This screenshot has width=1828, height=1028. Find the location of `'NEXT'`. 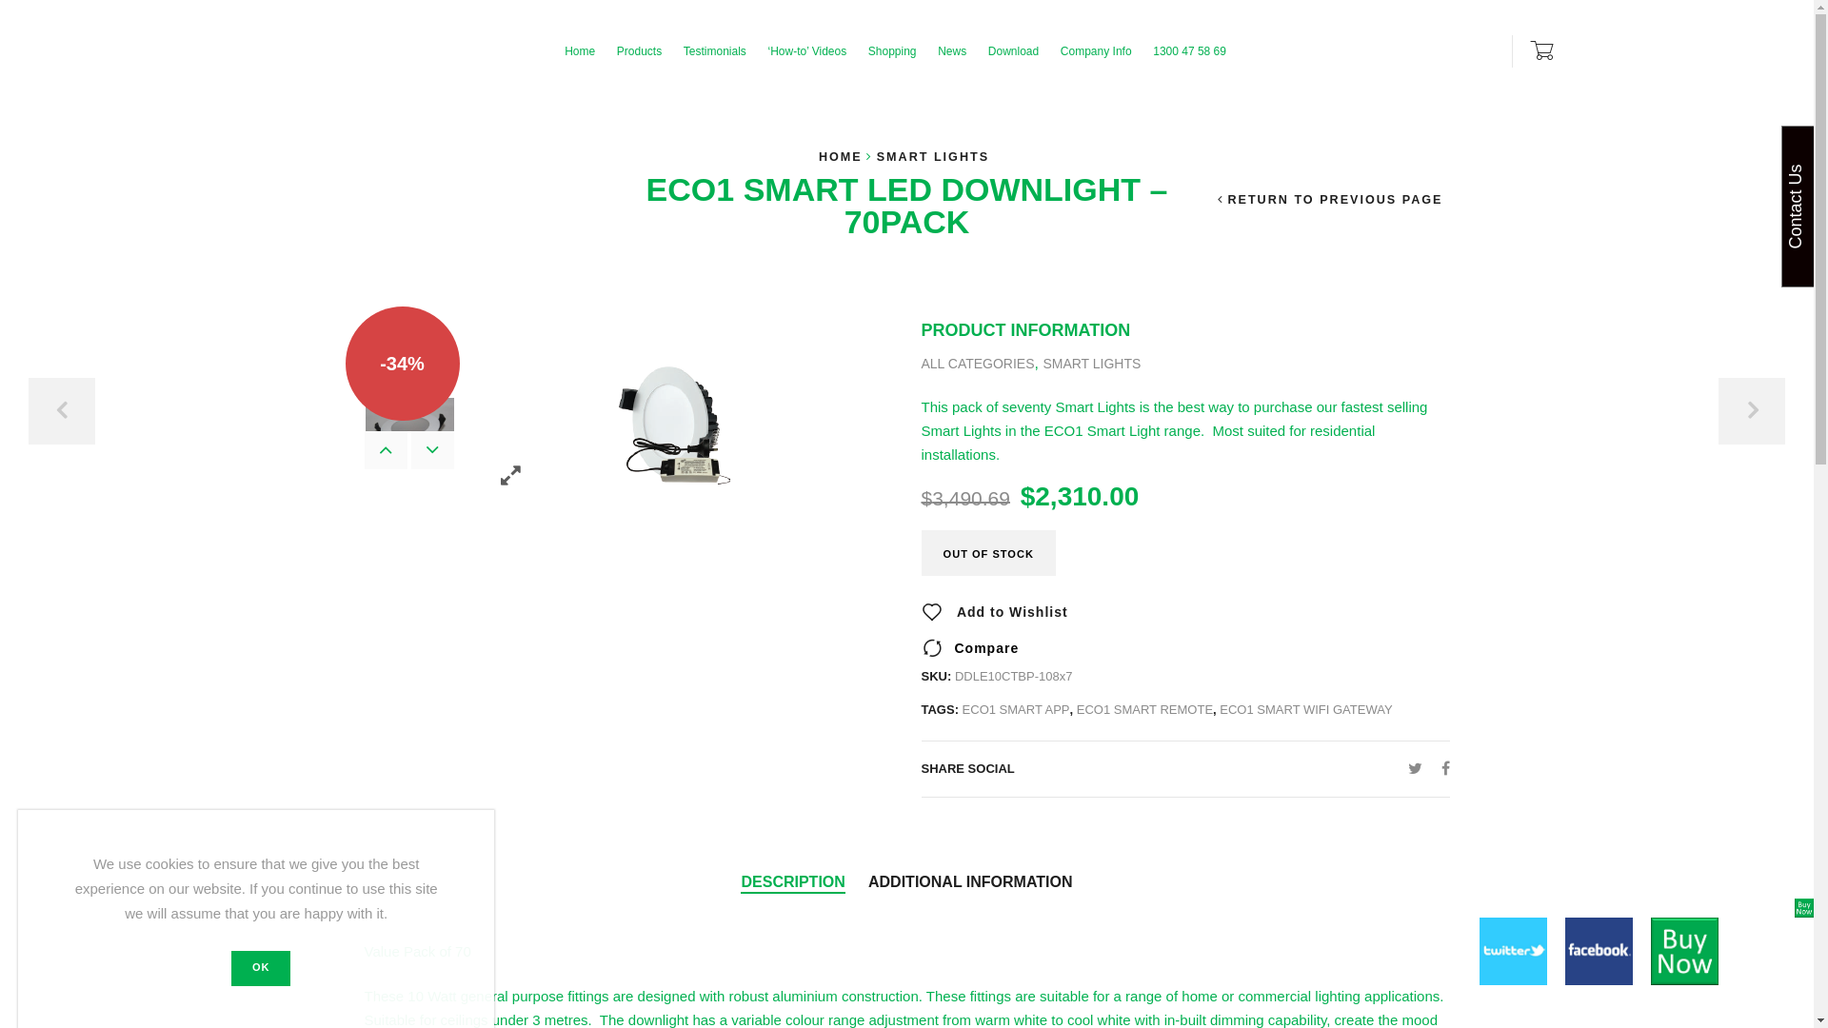

'NEXT' is located at coordinates (1718, 410).